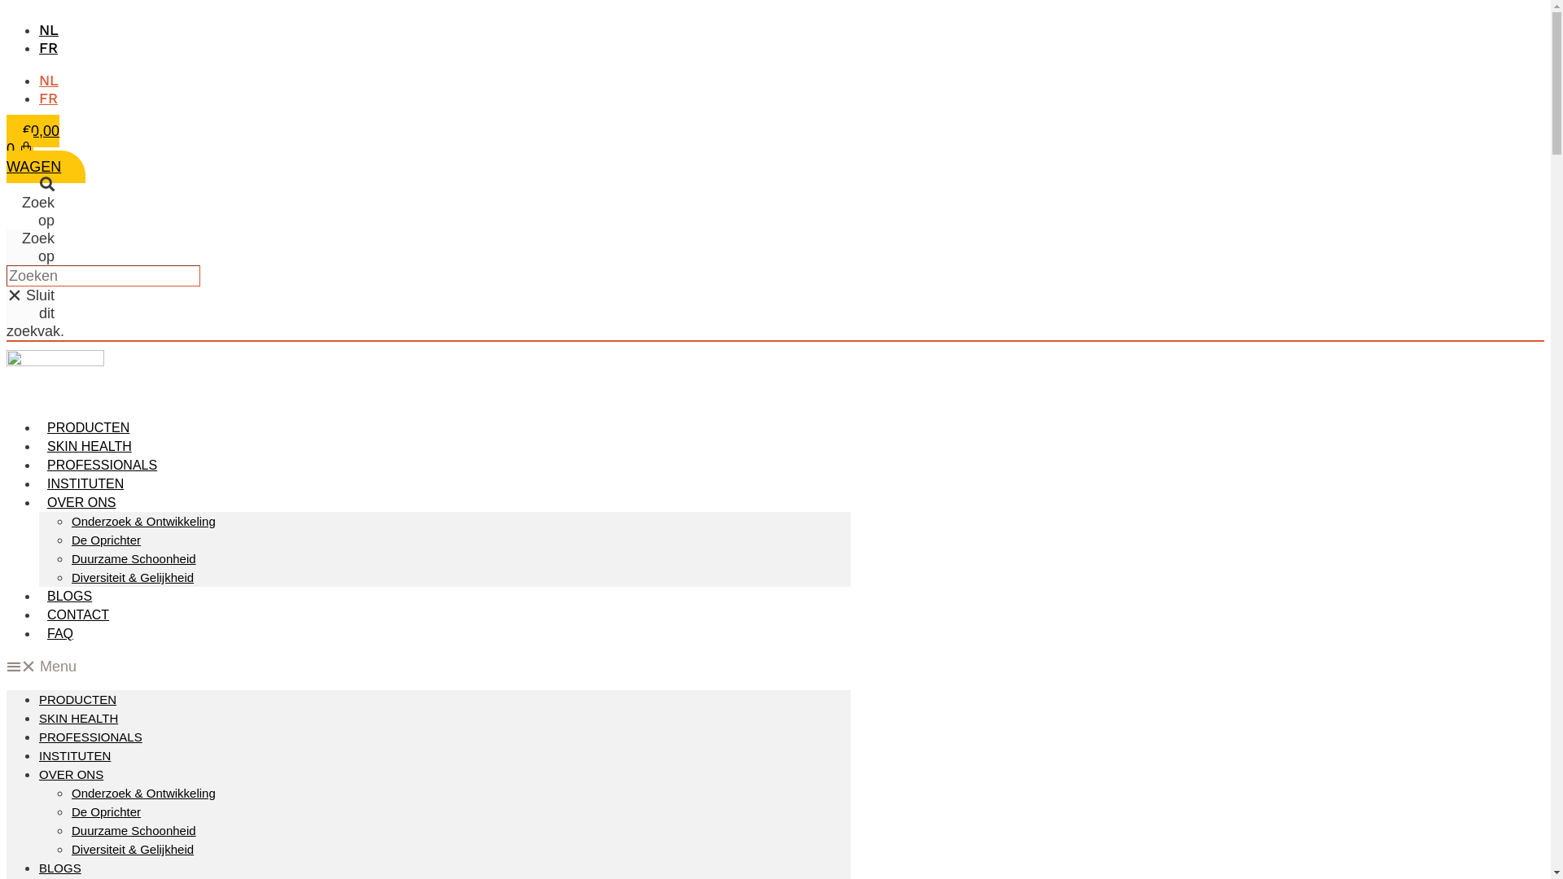 This screenshot has width=1563, height=879. Describe the element at coordinates (81, 501) in the screenshot. I see `'OVER ONS'` at that location.